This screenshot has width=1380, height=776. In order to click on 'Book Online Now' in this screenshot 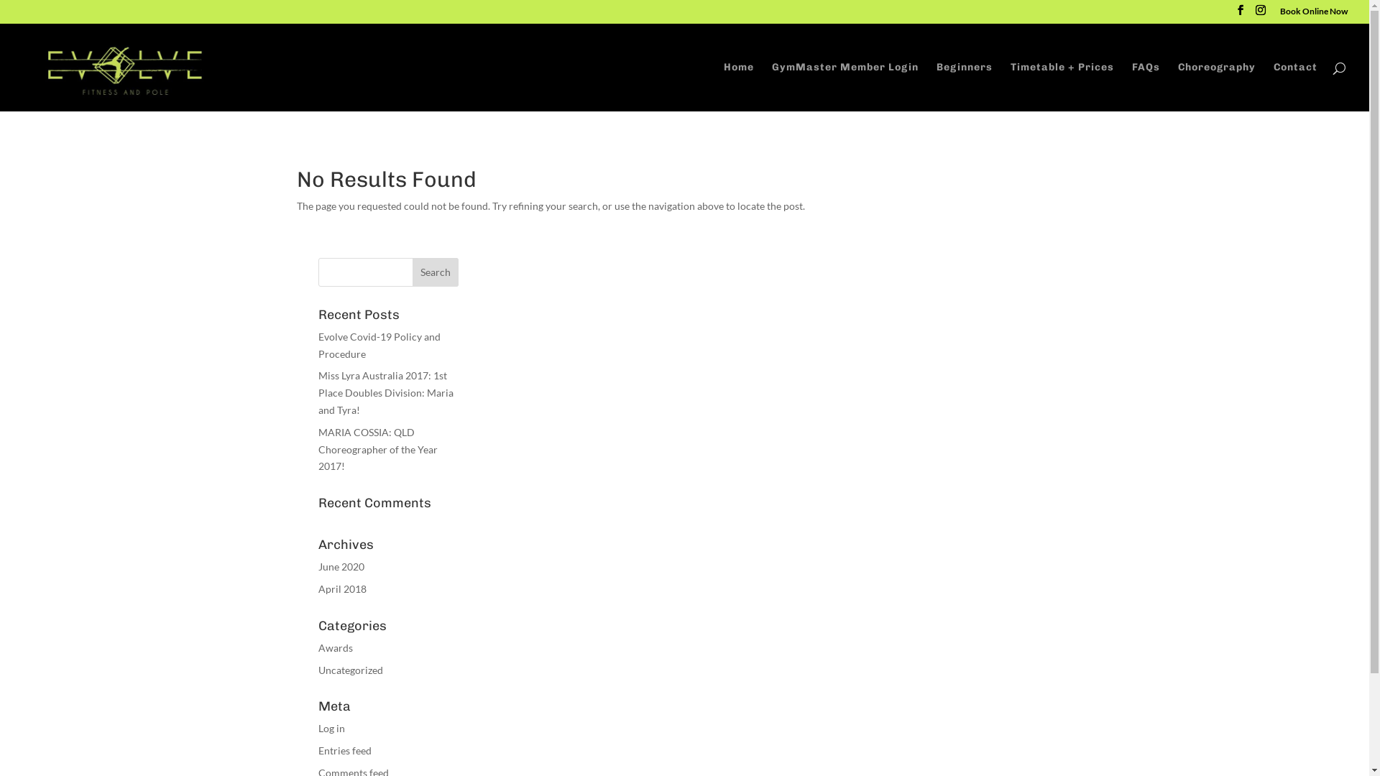, I will do `click(1314, 14)`.